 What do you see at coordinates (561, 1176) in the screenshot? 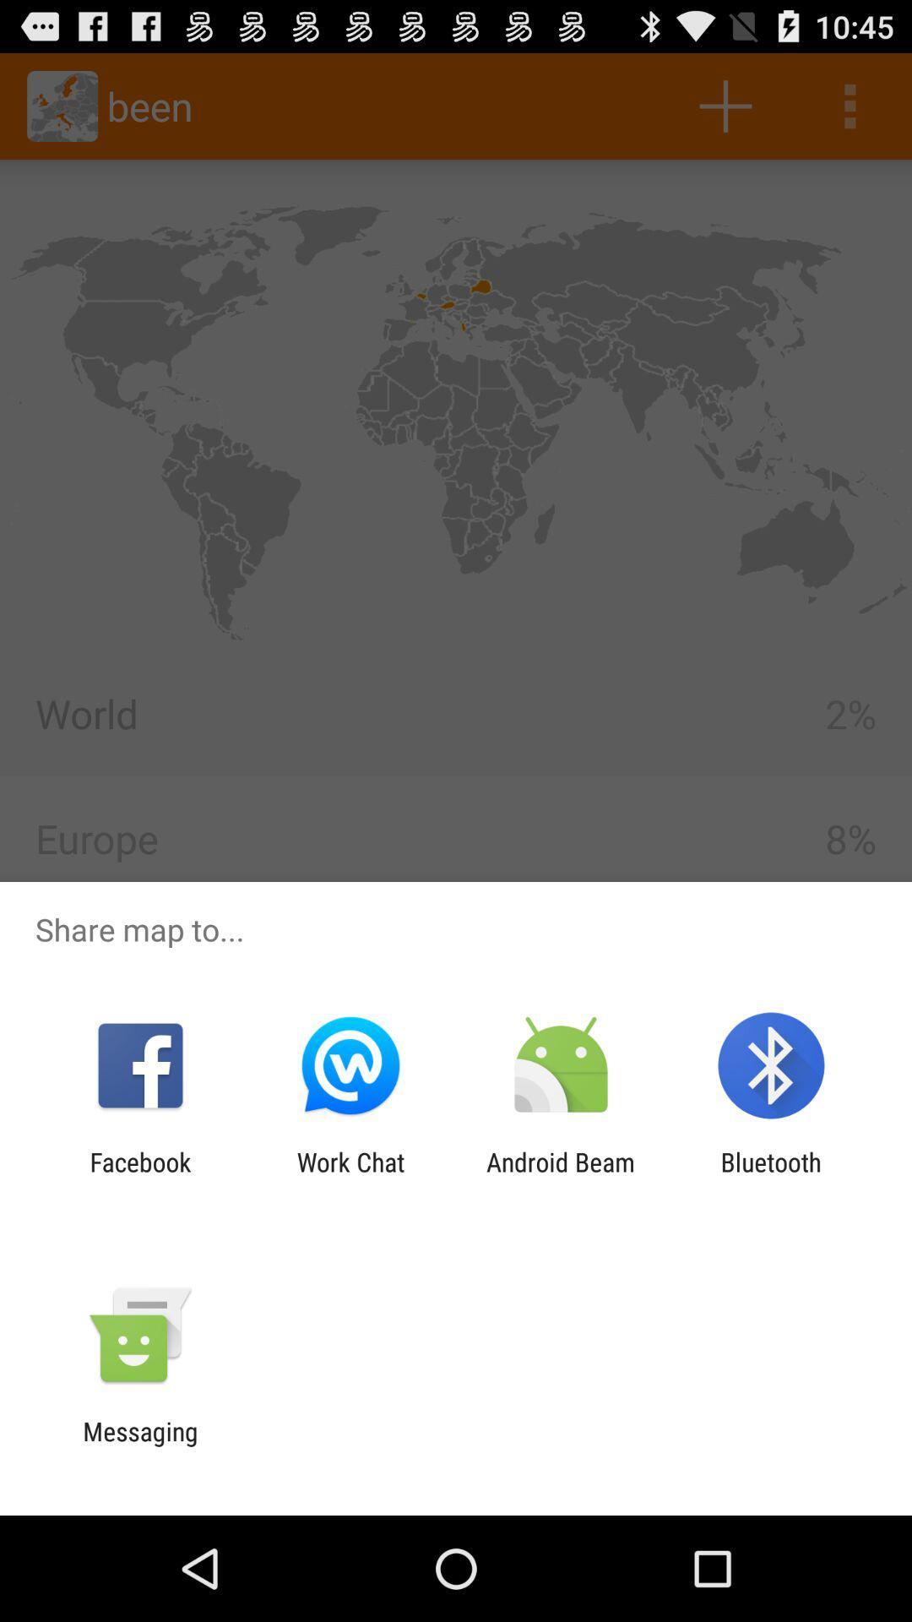
I see `app next to the work chat` at bounding box center [561, 1176].